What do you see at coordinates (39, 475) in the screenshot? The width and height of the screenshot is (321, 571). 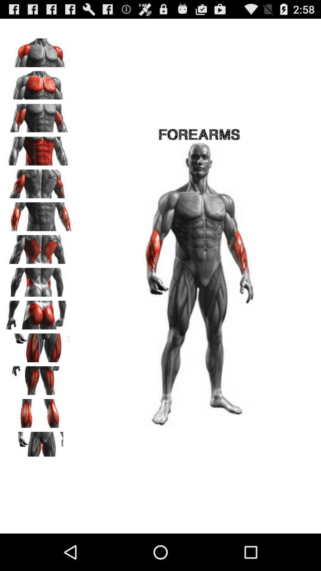 I see `the avatar icon` at bounding box center [39, 475].